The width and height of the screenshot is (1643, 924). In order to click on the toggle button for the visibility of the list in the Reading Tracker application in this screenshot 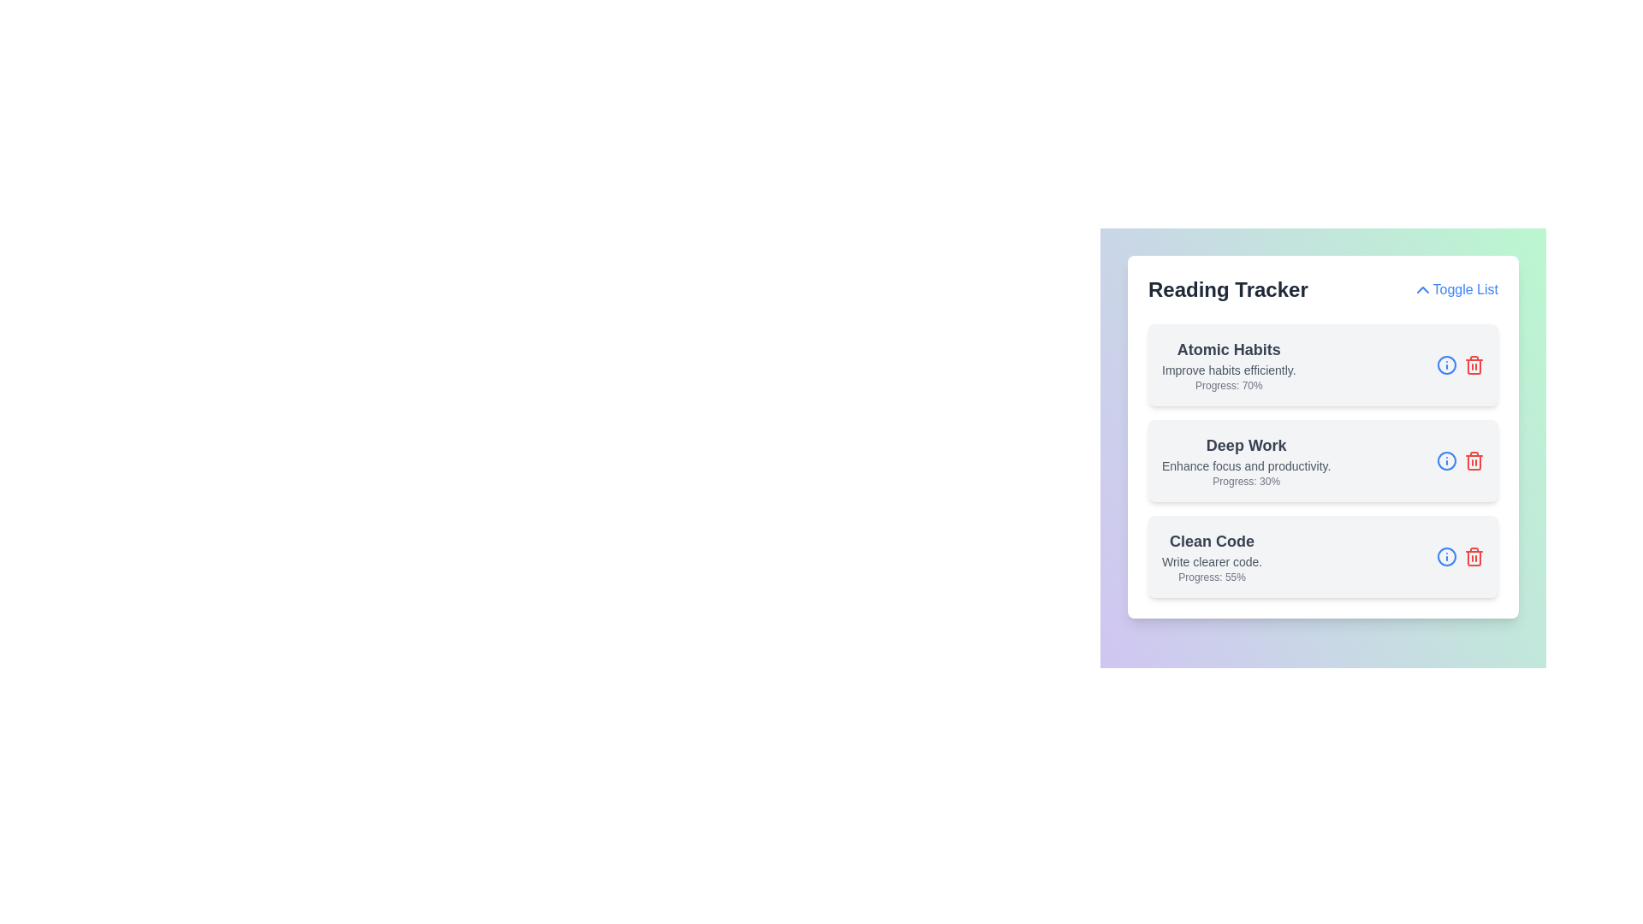, I will do `click(1454, 289)`.